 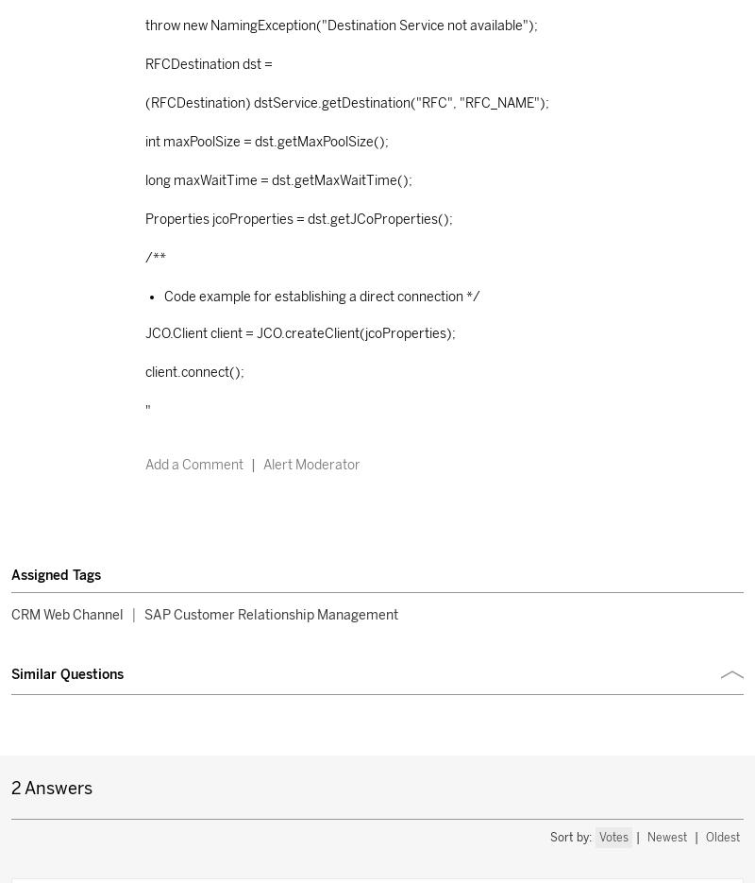 What do you see at coordinates (297, 218) in the screenshot?
I see `'Properties jcoProperties = dst.getJCoProperties();'` at bounding box center [297, 218].